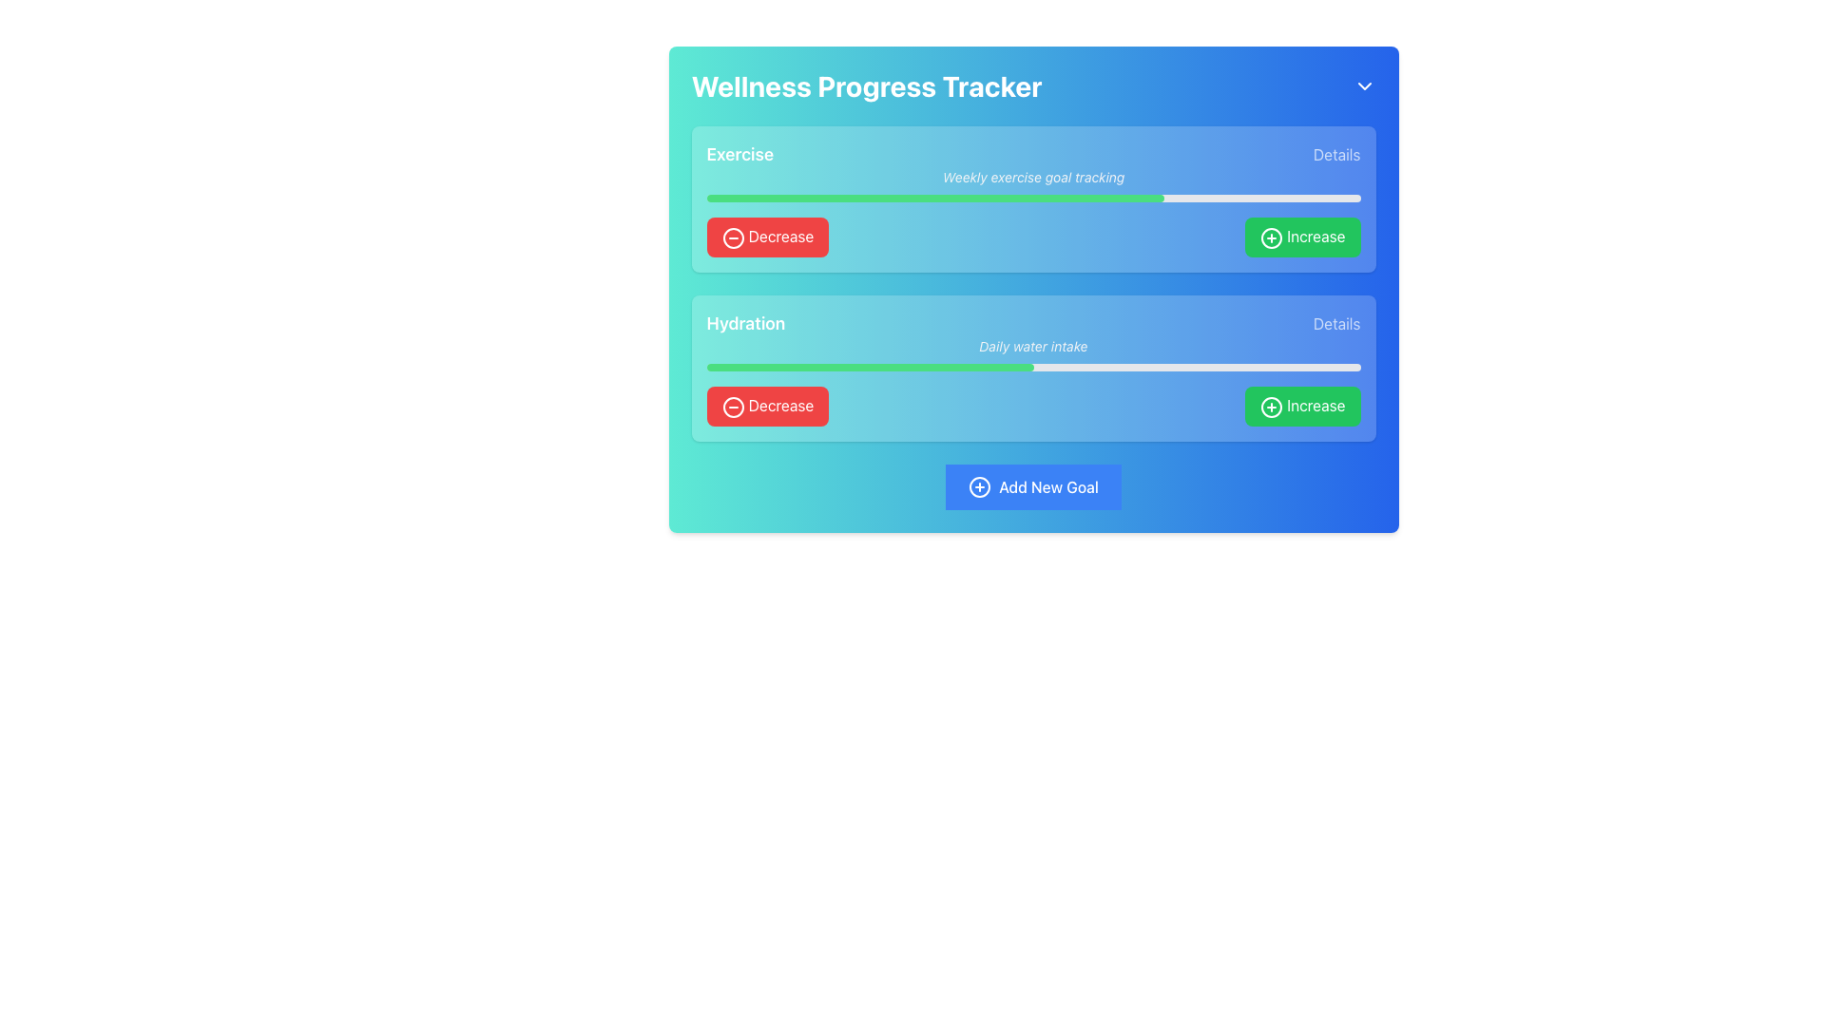 Image resolution: width=1825 pixels, height=1026 pixels. What do you see at coordinates (980, 485) in the screenshot?
I see `the central circle of the 'Add New Goal' button, which is visually styled to integrate within a vibrant user interface` at bounding box center [980, 485].